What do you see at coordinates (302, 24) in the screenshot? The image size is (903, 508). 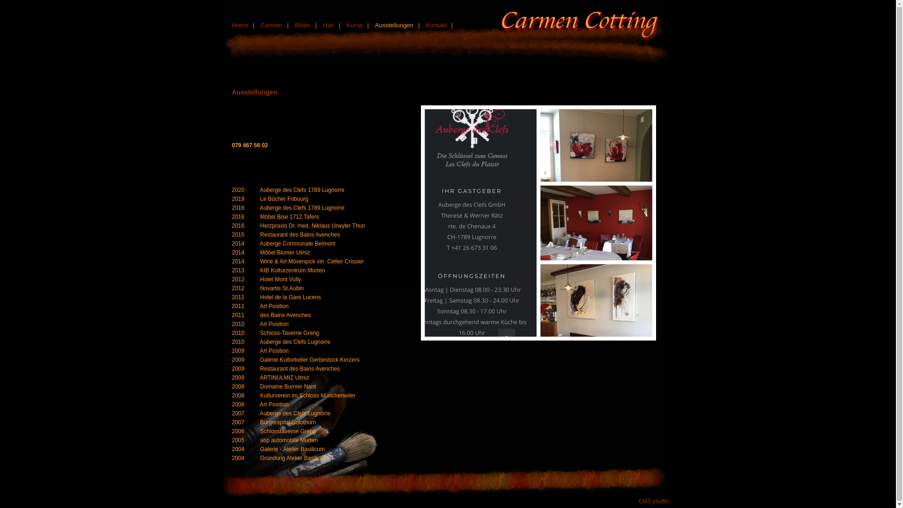 I see `'Bilder'` at bounding box center [302, 24].